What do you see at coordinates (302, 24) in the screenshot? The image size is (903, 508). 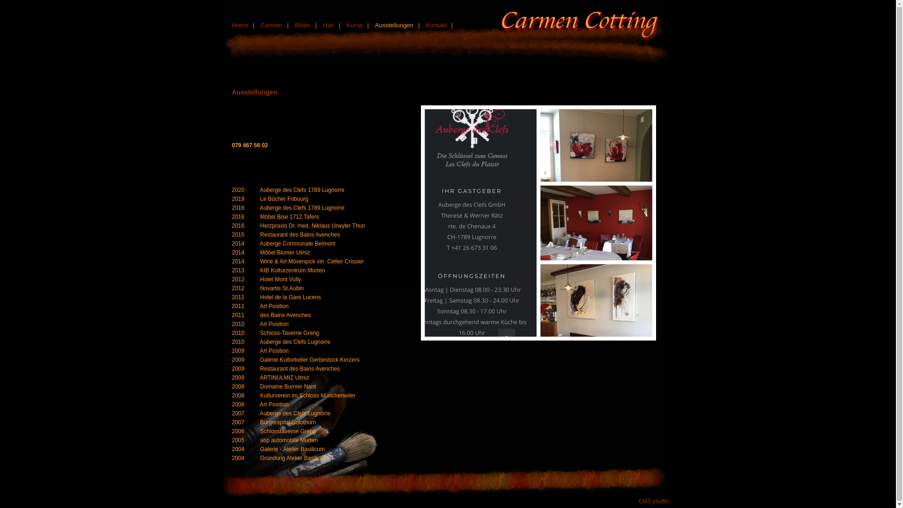 I see `'Bilder'` at bounding box center [302, 24].